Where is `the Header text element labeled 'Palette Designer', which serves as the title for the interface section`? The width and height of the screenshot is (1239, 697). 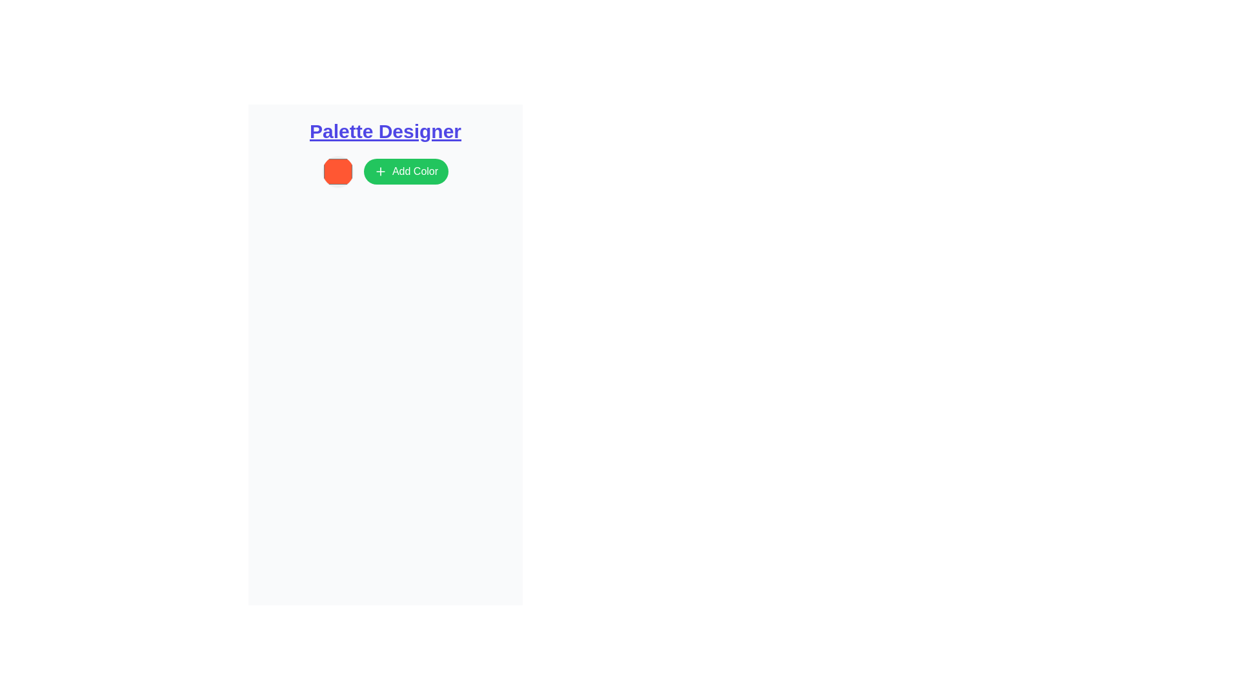
the Header text element labeled 'Palette Designer', which serves as the title for the interface section is located at coordinates (385, 132).